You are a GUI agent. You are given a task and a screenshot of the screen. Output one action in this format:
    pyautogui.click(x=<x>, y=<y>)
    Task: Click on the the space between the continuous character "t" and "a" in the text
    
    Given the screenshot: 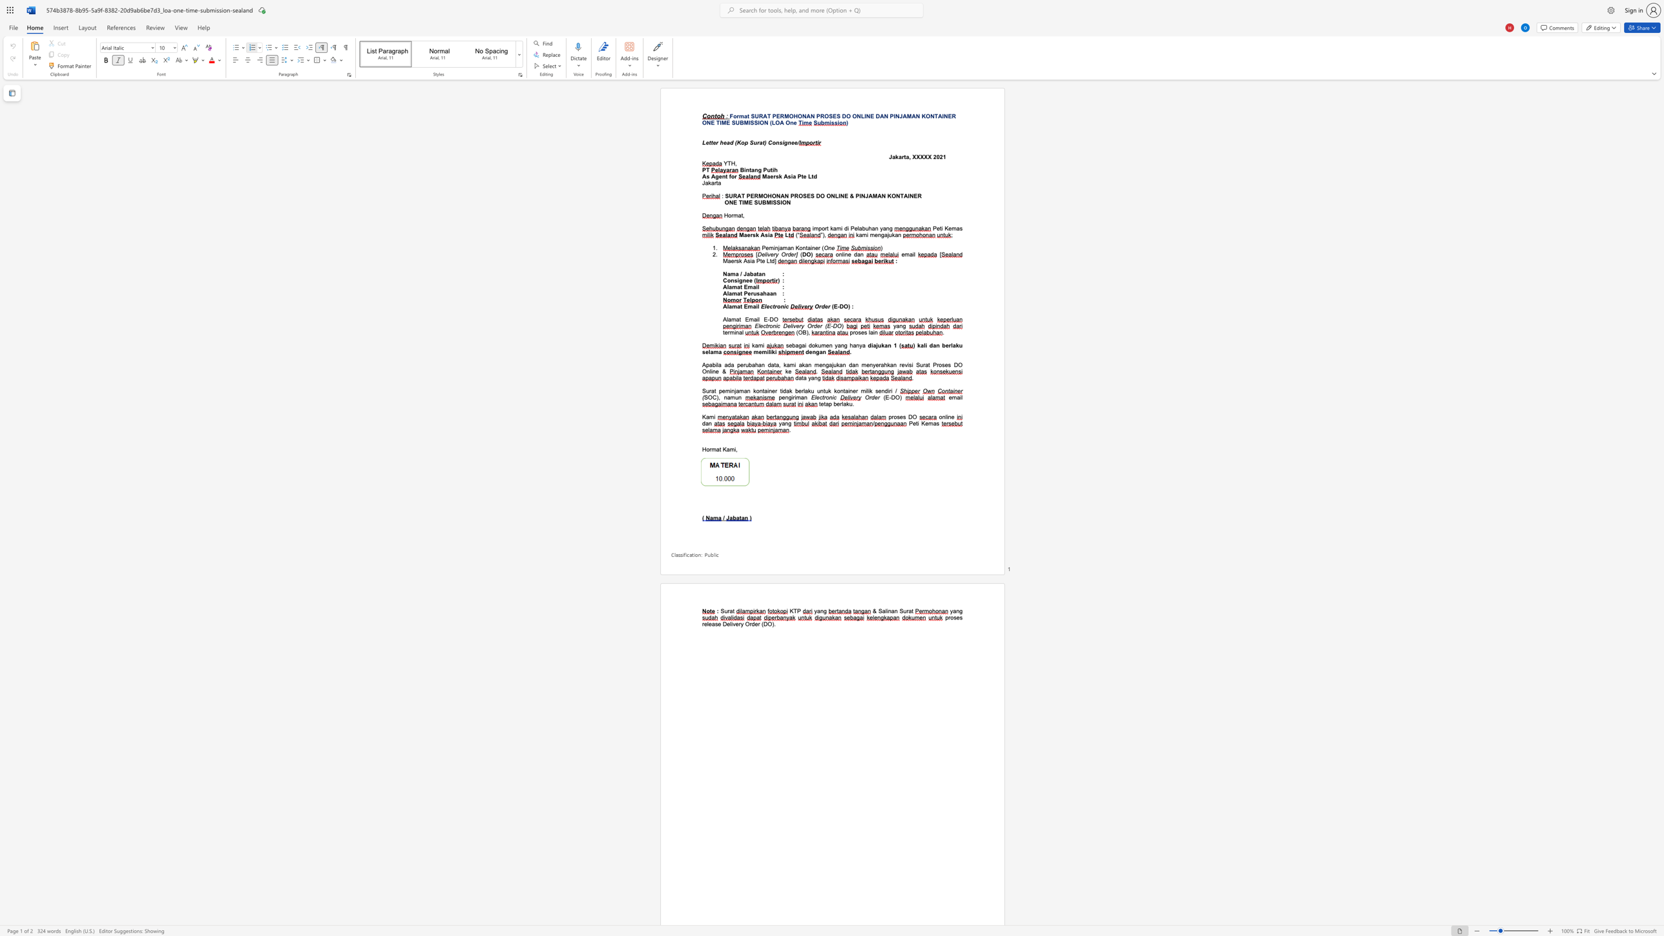 What is the action you would take?
    pyautogui.click(x=758, y=273)
    